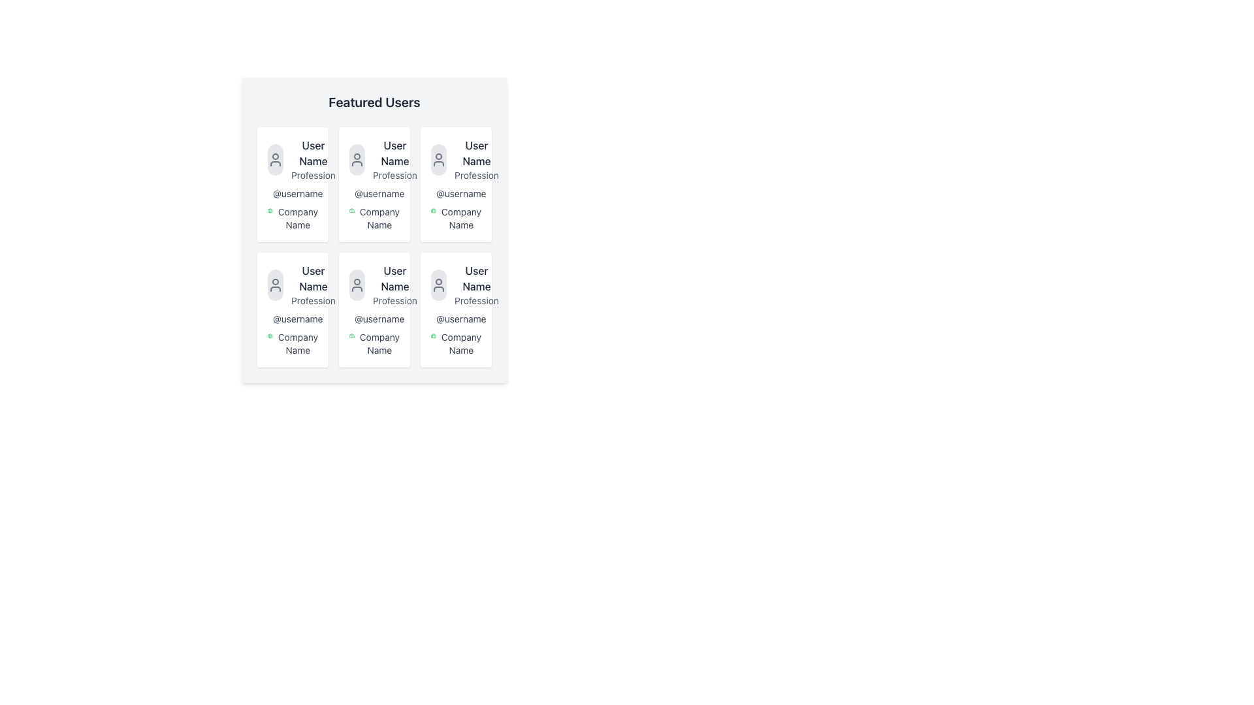  Describe the element at coordinates (394, 284) in the screenshot. I see `the text element displaying the user's name and profession, located in the middle of the second row in a grid layout` at that location.